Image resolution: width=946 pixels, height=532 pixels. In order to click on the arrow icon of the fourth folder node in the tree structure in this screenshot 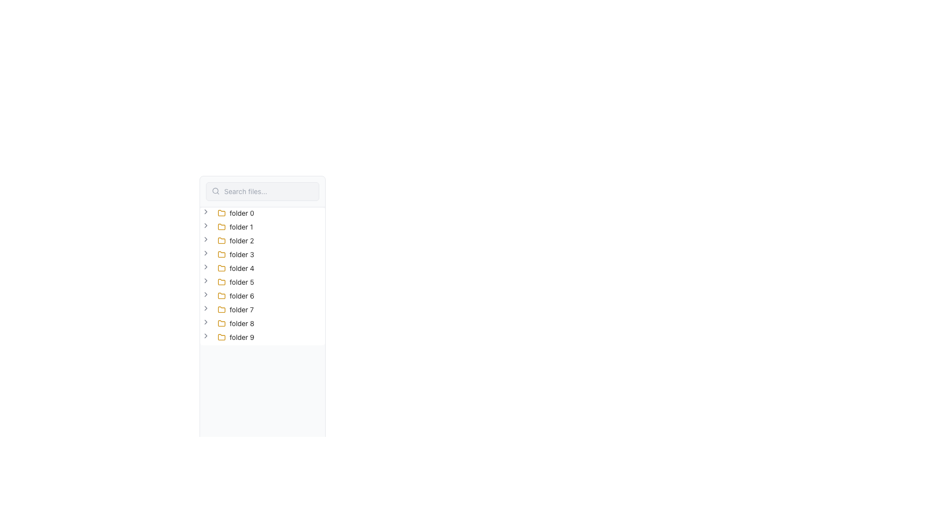, I will do `click(229, 254)`.